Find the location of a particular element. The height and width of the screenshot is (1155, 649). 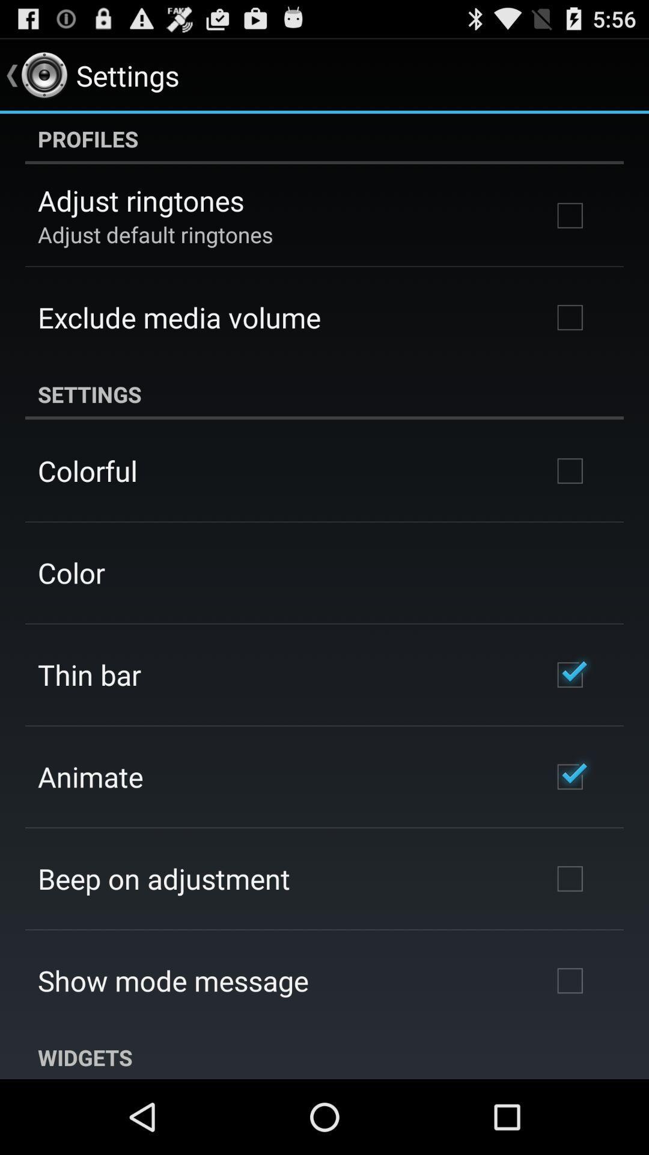

the thin bar item is located at coordinates (88, 674).